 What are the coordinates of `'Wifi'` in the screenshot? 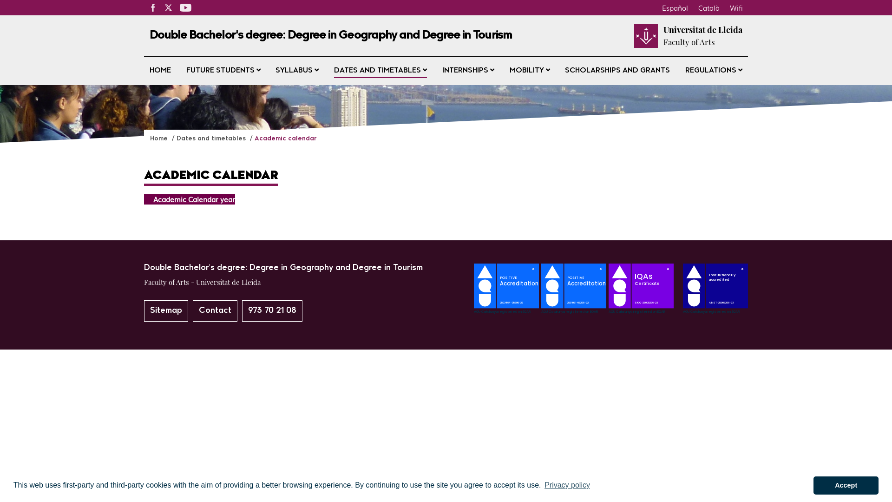 It's located at (735, 7).